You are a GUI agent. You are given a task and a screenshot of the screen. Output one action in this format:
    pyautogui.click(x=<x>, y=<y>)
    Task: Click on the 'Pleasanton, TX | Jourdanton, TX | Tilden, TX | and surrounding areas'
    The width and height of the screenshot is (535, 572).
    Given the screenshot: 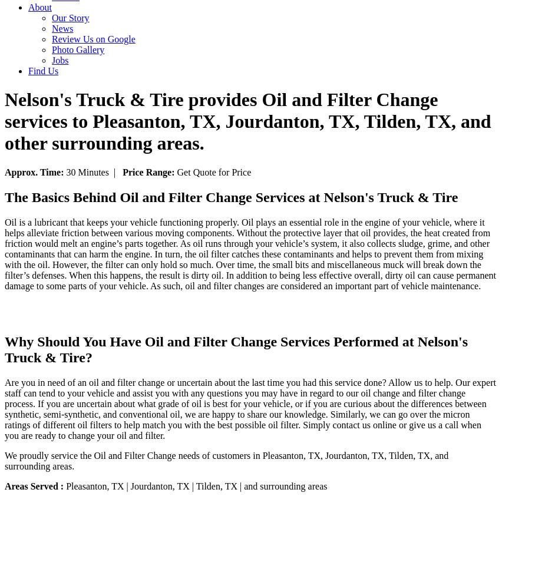 What is the action you would take?
    pyautogui.click(x=65, y=485)
    